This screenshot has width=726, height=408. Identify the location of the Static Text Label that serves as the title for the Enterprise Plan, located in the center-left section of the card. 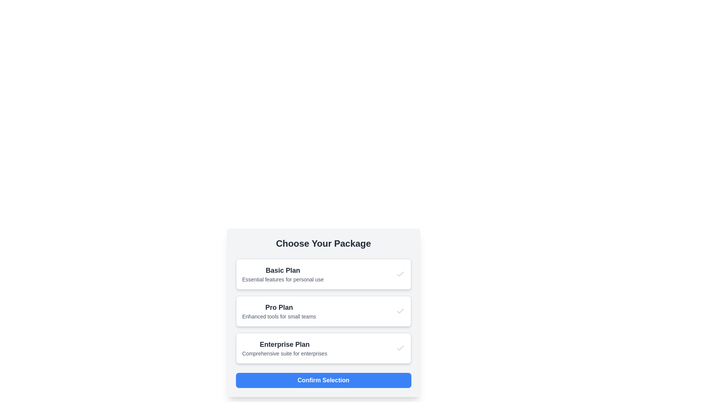
(284, 344).